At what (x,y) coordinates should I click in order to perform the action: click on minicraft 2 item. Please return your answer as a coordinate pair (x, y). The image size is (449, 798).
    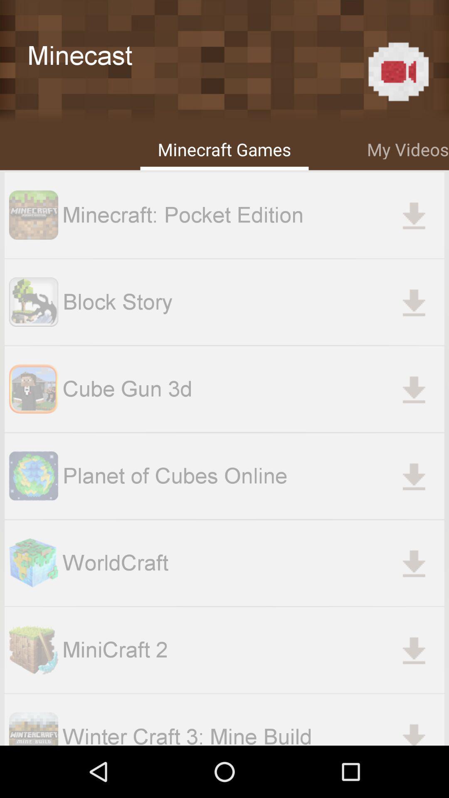
    Looking at the image, I should click on (253, 649).